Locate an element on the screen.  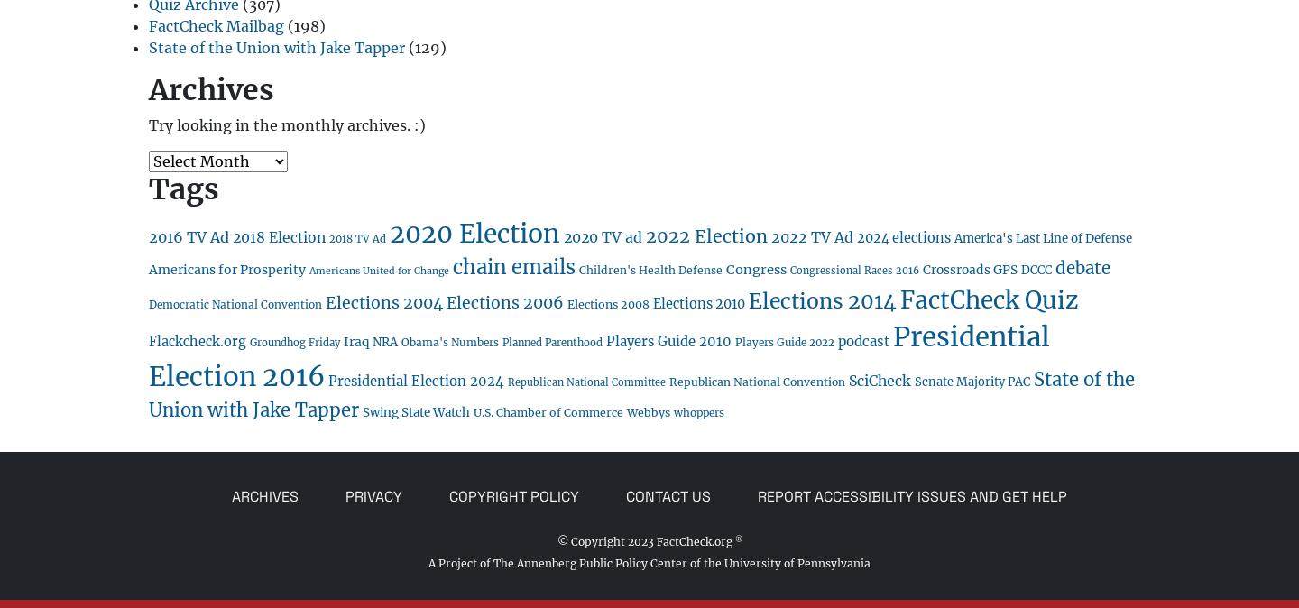
'Webbys' is located at coordinates (648, 411).